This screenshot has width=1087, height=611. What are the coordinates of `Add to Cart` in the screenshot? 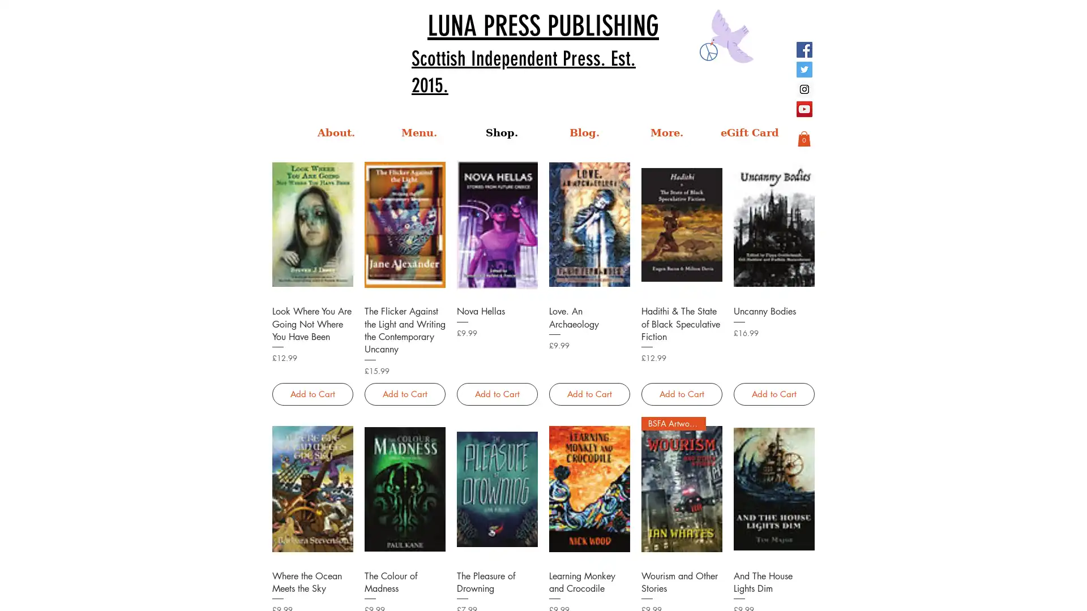 It's located at (404, 393).